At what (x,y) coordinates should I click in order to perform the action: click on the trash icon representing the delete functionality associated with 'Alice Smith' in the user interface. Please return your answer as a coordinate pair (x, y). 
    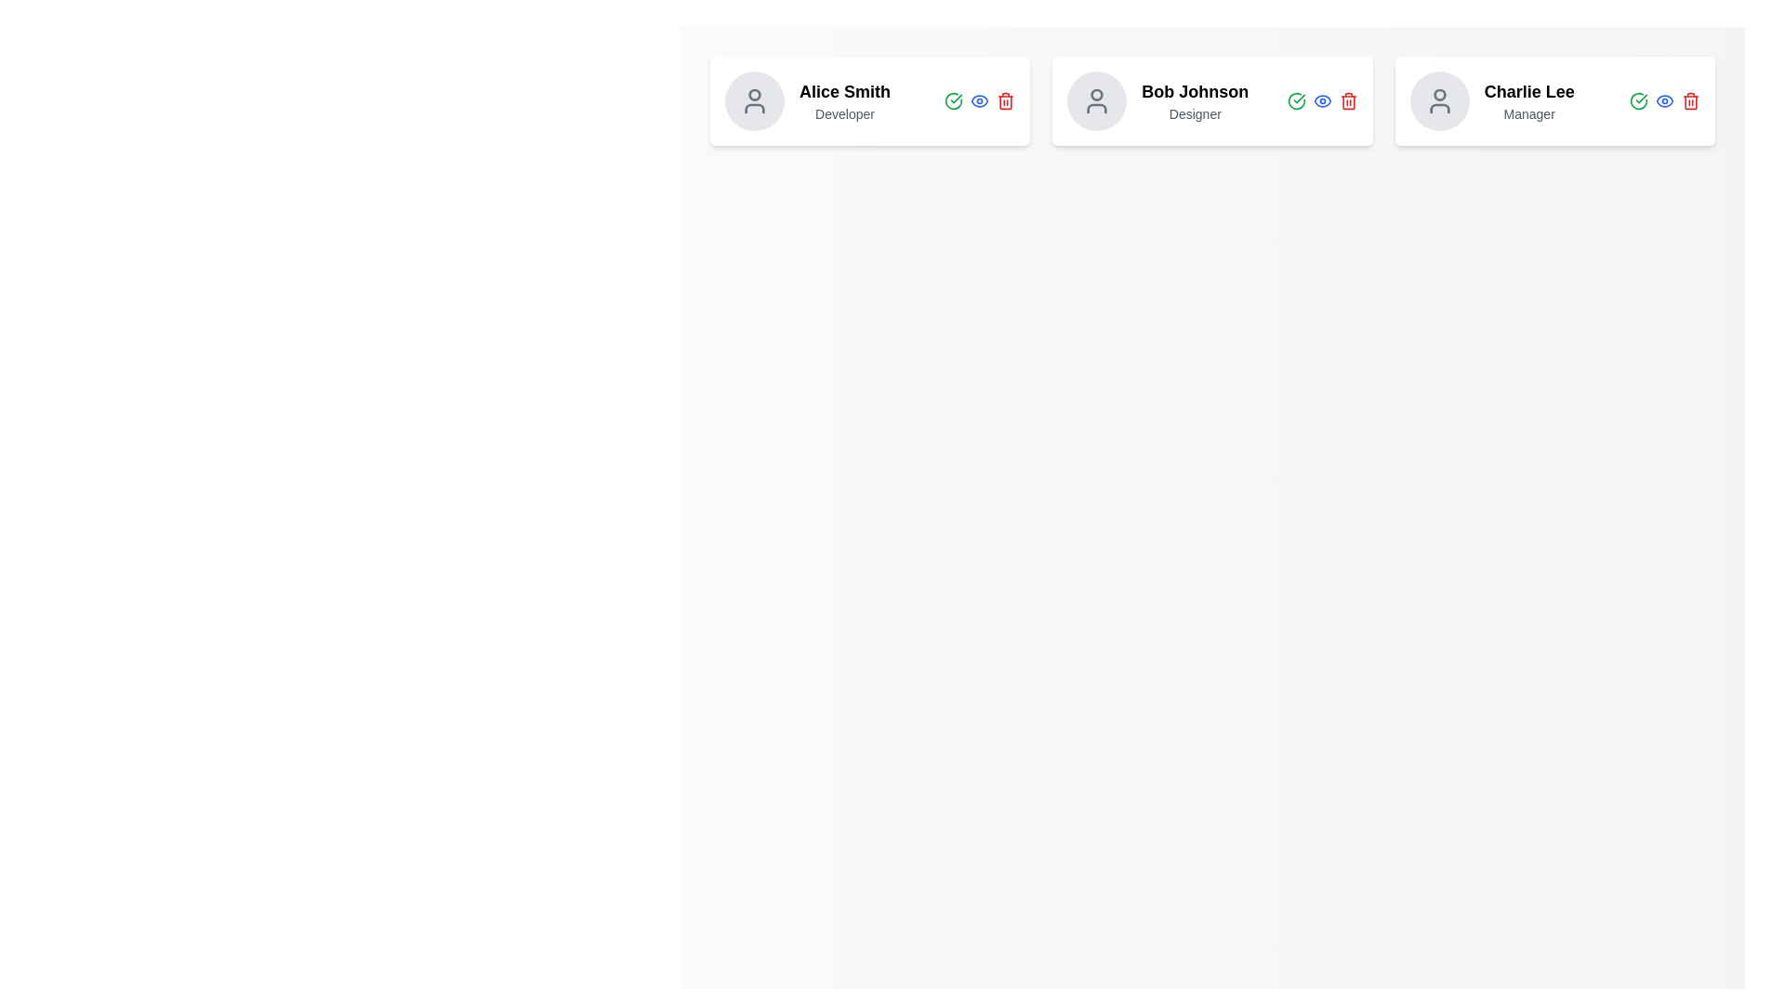
    Looking at the image, I should click on (1005, 102).